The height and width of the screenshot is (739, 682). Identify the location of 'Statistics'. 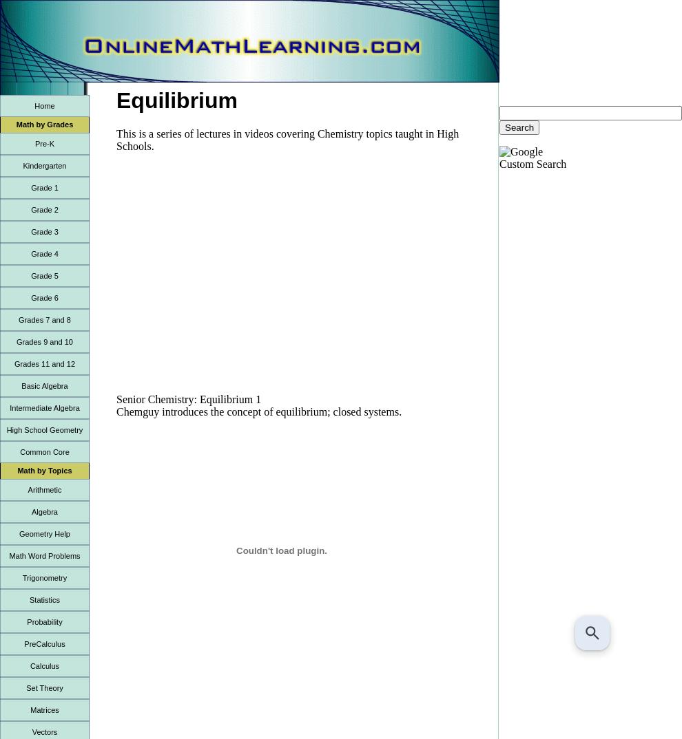
(28, 599).